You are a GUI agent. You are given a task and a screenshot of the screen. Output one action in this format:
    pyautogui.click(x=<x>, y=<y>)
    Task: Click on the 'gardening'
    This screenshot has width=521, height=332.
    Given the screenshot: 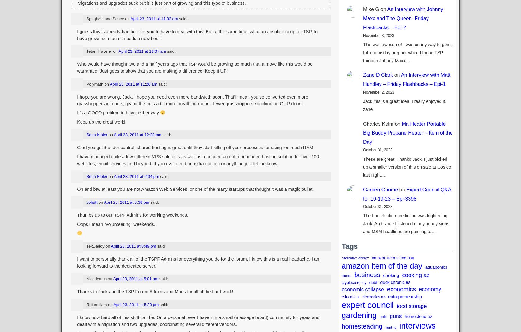 What is the action you would take?
    pyautogui.click(x=359, y=315)
    